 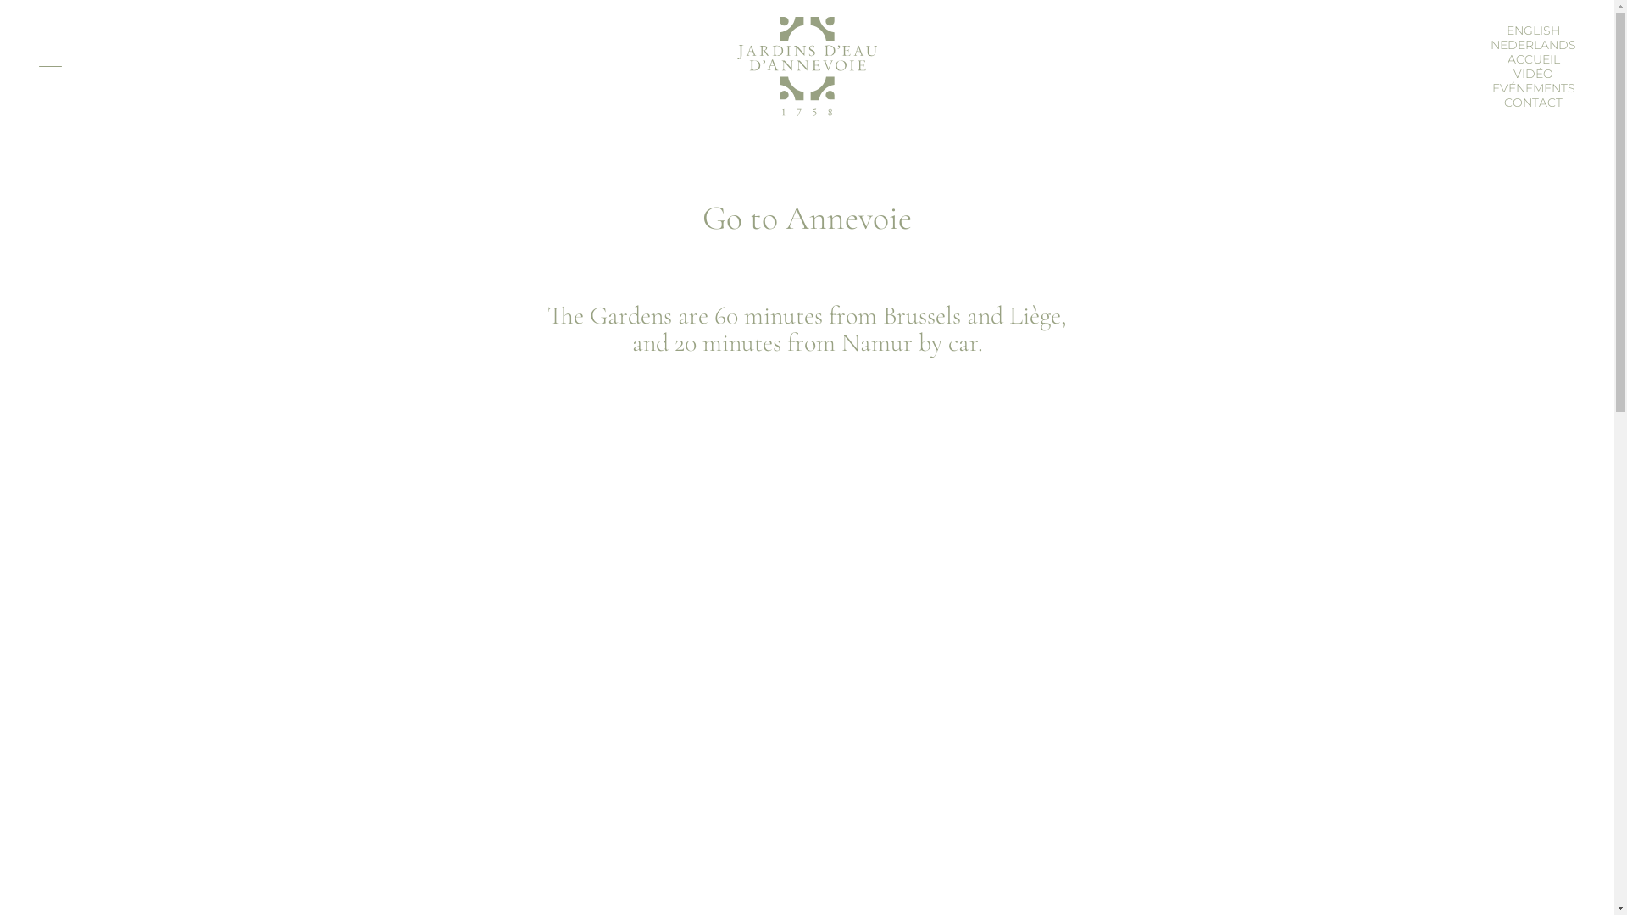 I want to click on 'CONTACT', so click(x=1533, y=102).